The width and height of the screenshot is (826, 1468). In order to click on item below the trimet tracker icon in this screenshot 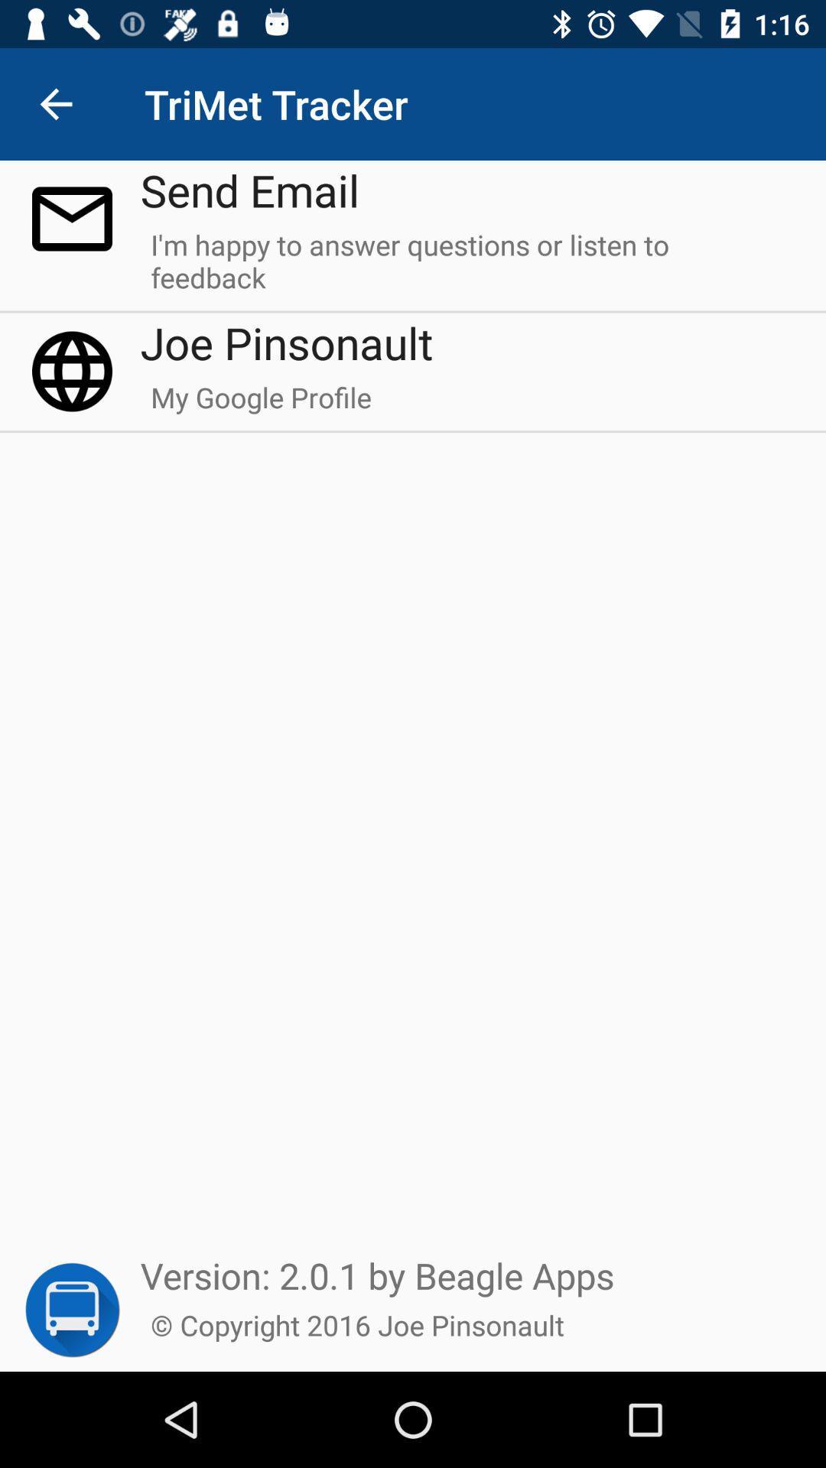, I will do `click(249, 189)`.